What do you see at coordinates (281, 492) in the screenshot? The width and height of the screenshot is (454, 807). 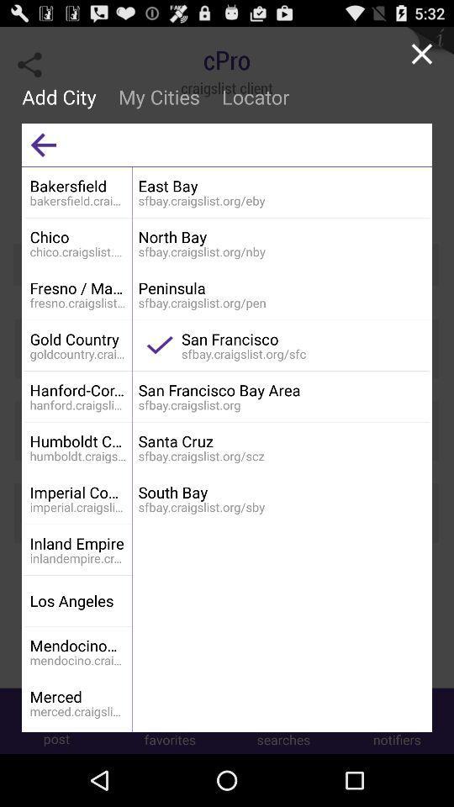 I see `south bay icon` at bounding box center [281, 492].